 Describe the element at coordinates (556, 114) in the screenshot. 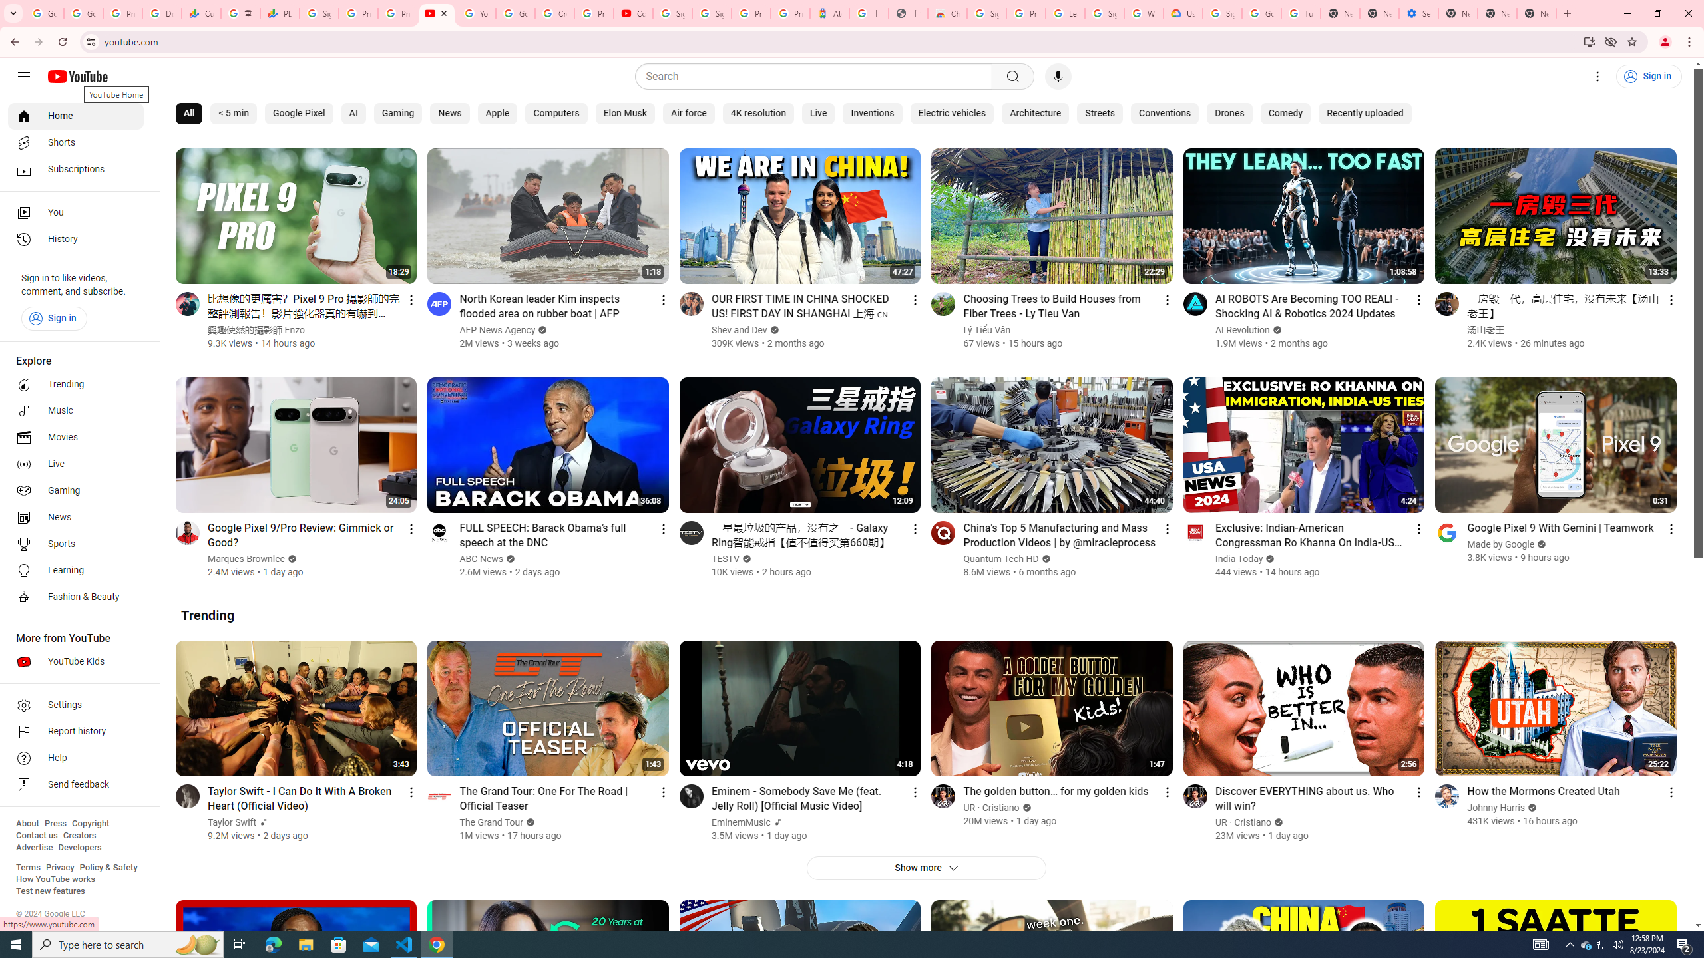

I see `'Computers'` at that location.